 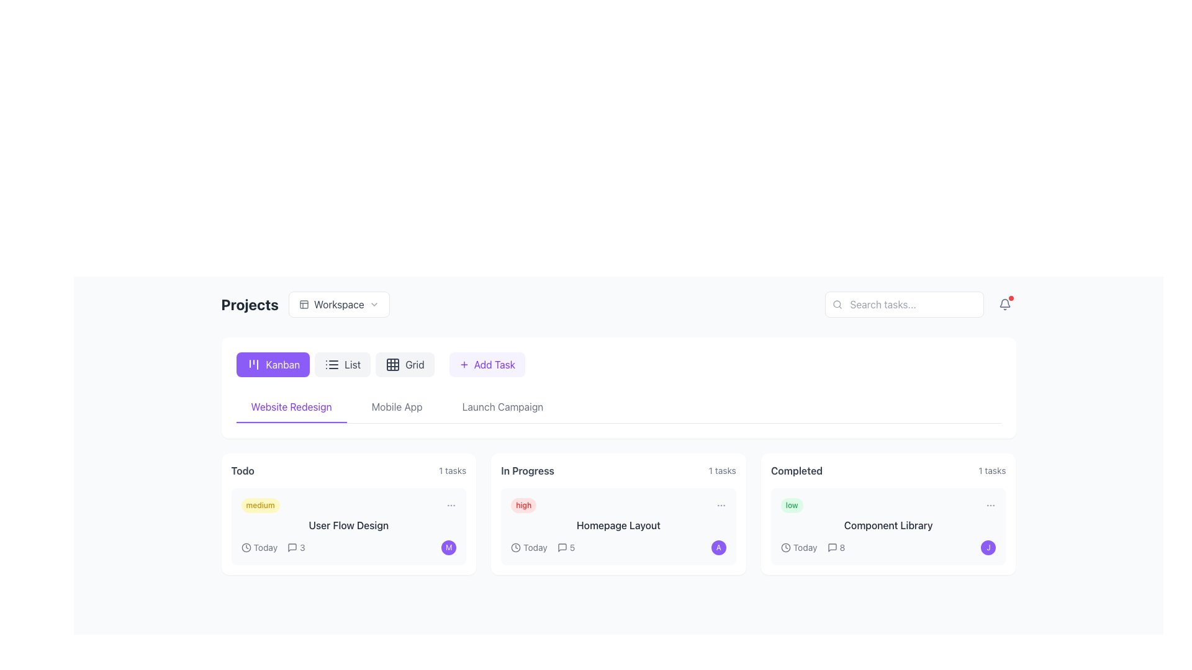 I want to click on the numerical indicator displaying the count of comments or messages located within the 'Completed' content card under the task title 'Component Library', so click(x=836, y=547).